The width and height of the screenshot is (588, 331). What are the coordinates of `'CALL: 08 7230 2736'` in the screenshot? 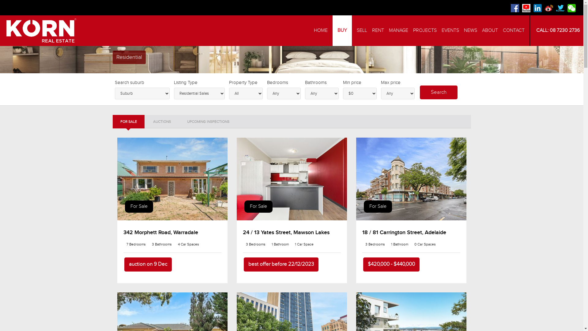 It's located at (557, 30).